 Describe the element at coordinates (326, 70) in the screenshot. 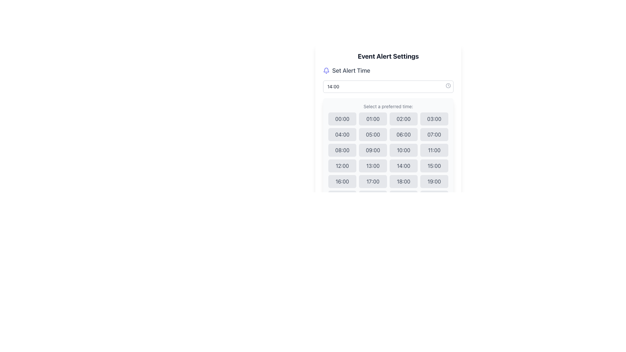

I see `the bell-shaped icon with an indigo stroke located to the left of the 'Set Alert Time' text` at that location.